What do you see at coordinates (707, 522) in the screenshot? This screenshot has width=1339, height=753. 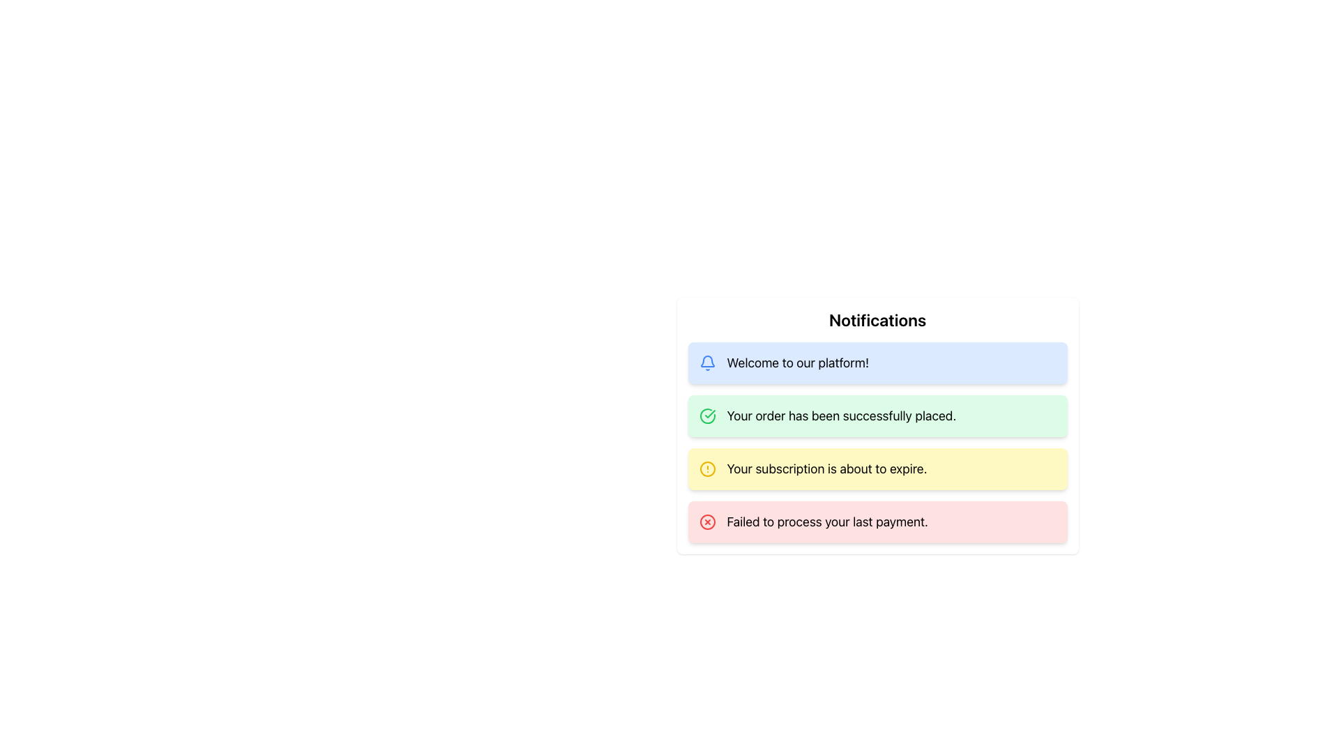 I see `the circular SVG element that signifies an error notification related to the message 'Failed to process your last payment.'` at bounding box center [707, 522].